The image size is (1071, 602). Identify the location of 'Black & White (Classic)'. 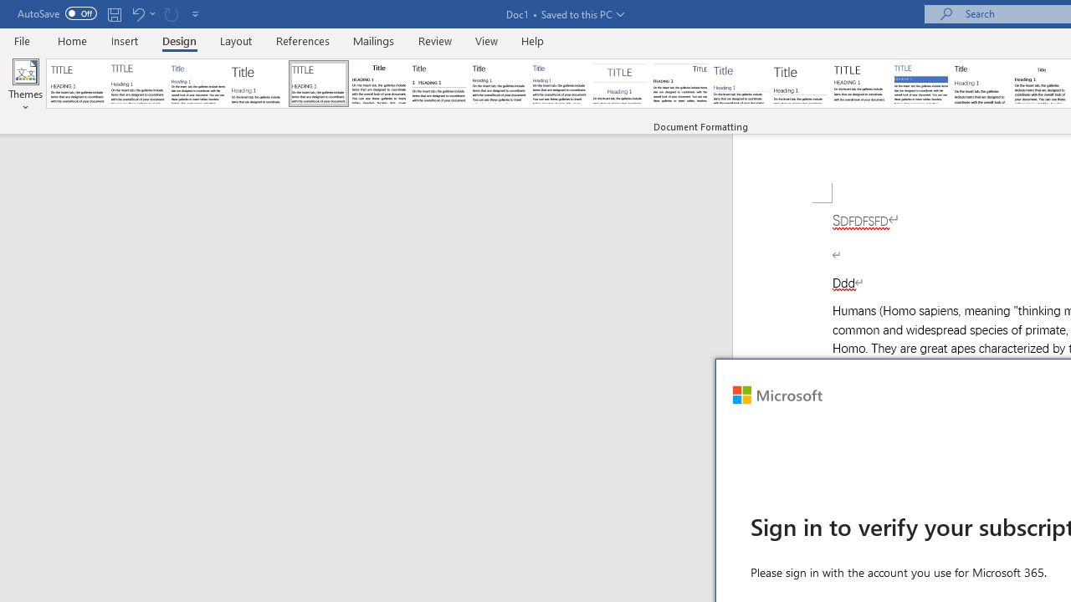
(378, 84).